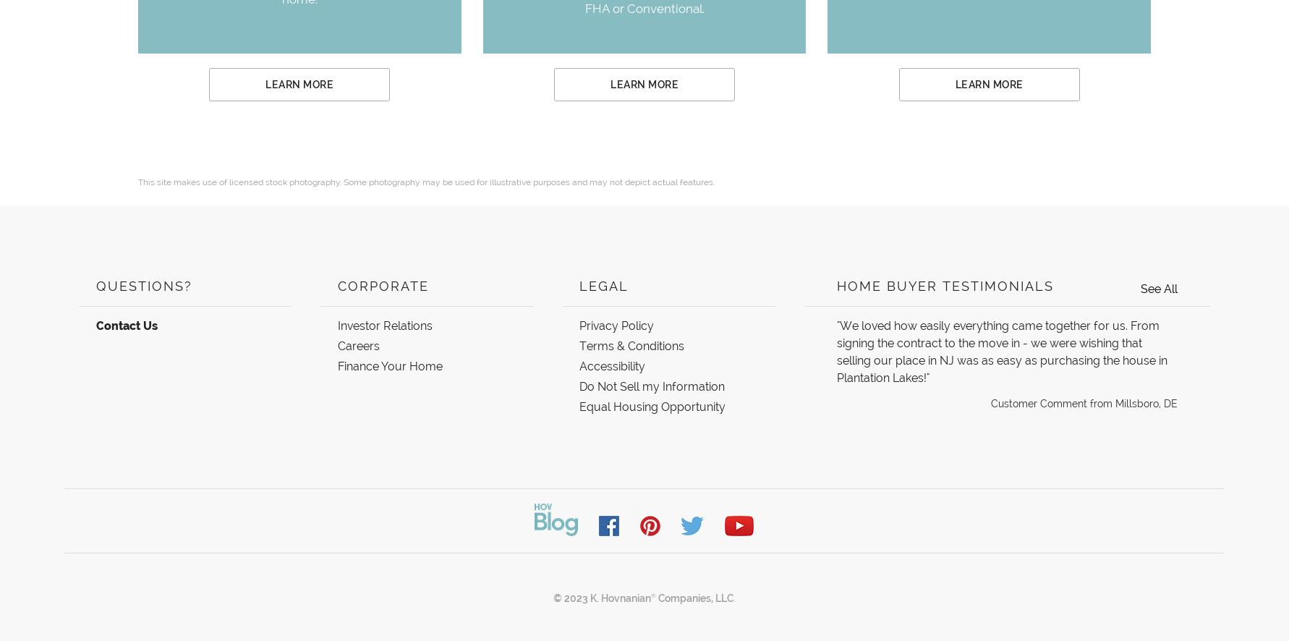  I want to click on '.', so click(732, 598).